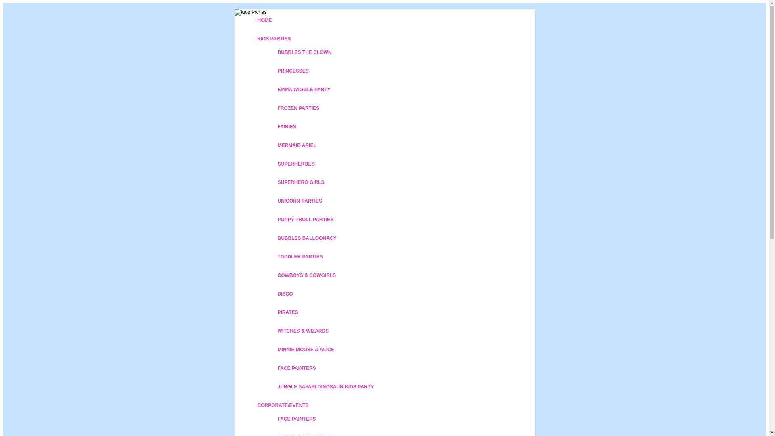 The width and height of the screenshot is (775, 436). What do you see at coordinates (274, 126) in the screenshot?
I see `'FAIRIES'` at bounding box center [274, 126].